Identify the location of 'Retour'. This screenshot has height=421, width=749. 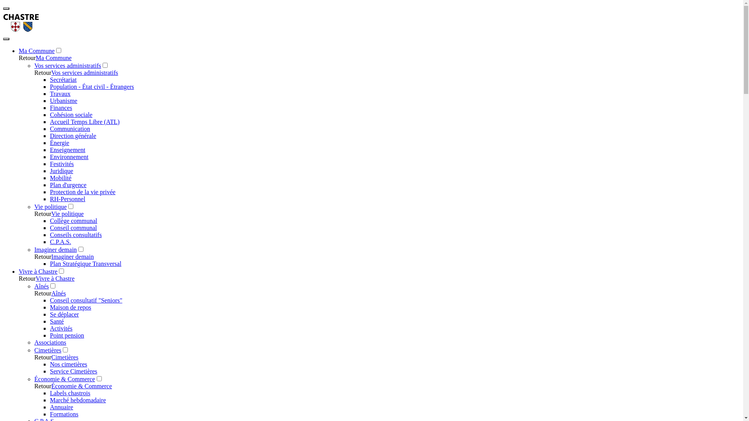
(43, 386).